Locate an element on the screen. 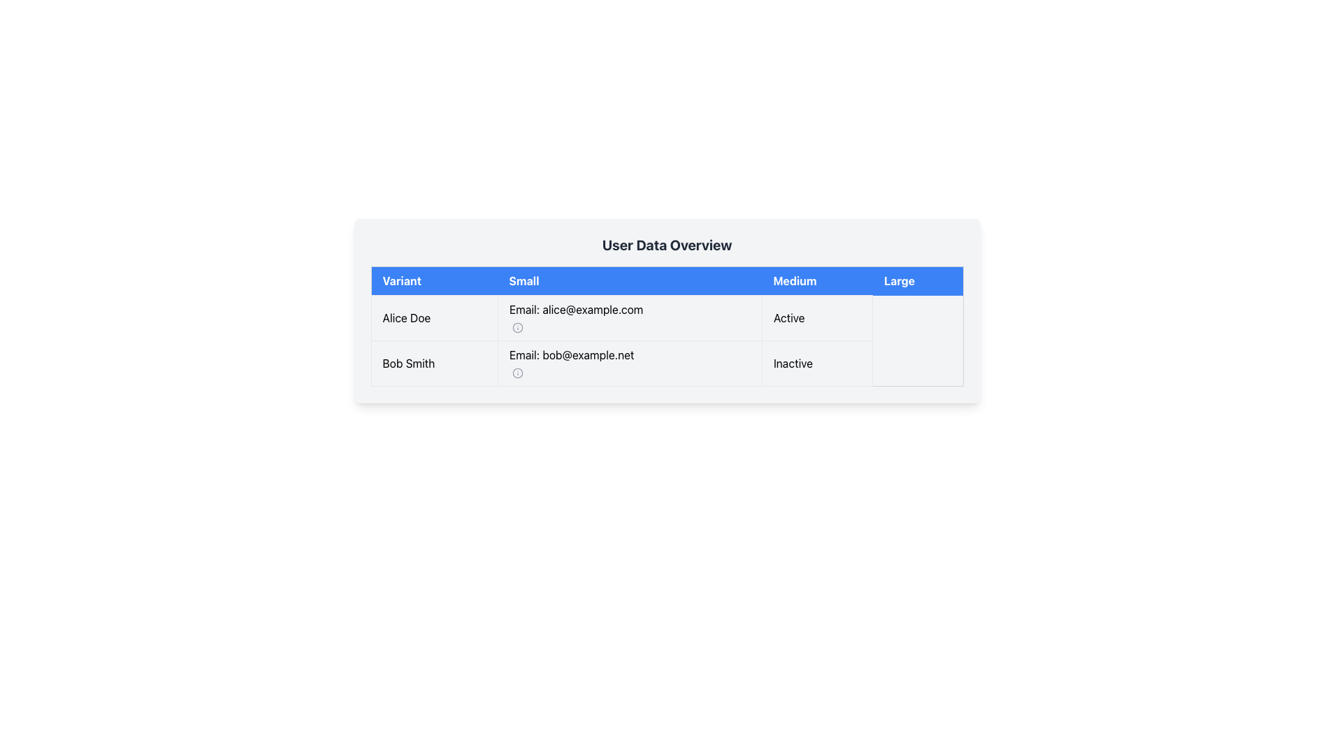 The height and width of the screenshot is (755, 1342). the info icon styled as a lowercase 'i' in a circle, located to the right of the email text 'alice@example.com' in the first row of the table is located at coordinates (517, 326).